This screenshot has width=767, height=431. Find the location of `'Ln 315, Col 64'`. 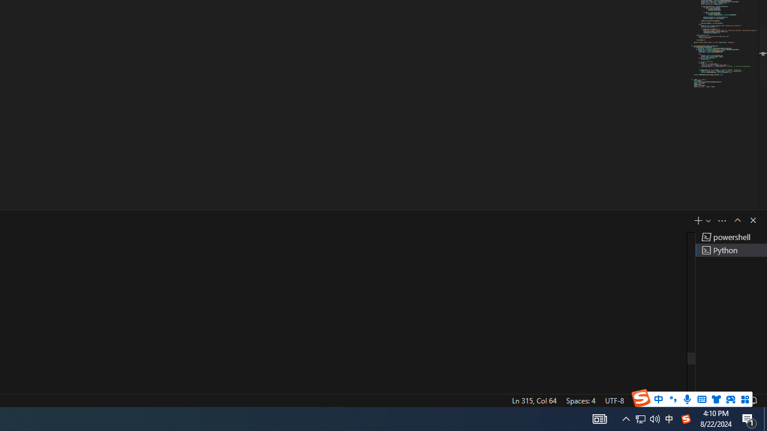

'Ln 315, Col 64' is located at coordinates (533, 400).